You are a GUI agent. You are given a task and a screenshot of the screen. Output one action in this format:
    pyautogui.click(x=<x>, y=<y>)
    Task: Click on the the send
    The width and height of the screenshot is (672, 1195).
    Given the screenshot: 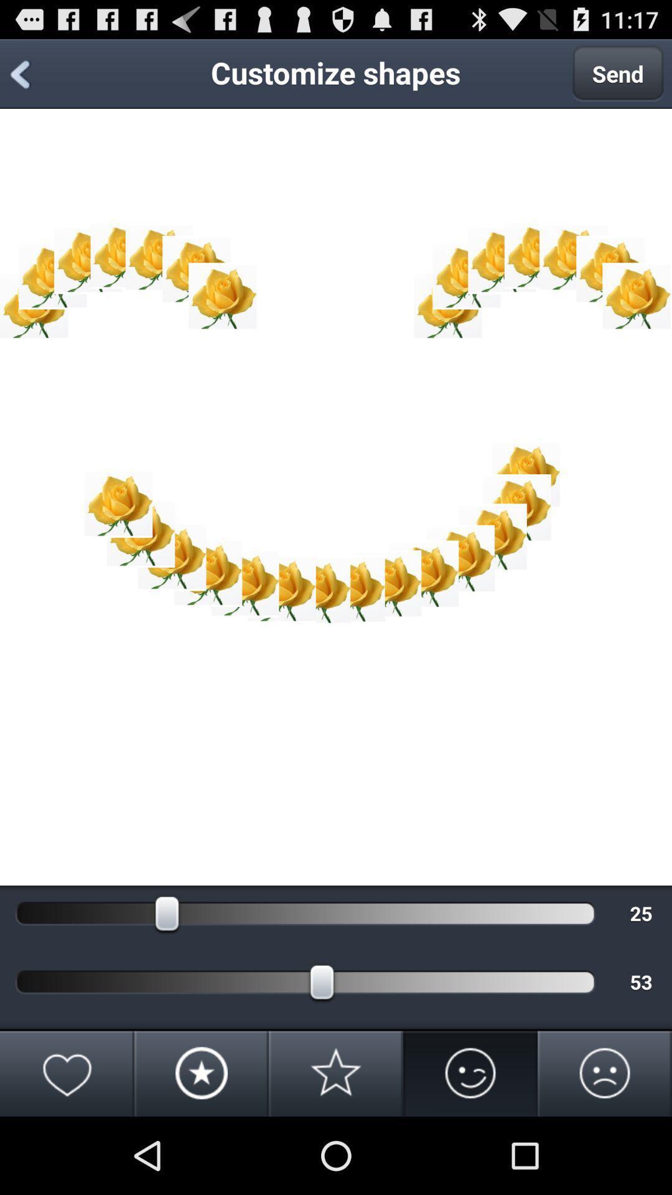 What is the action you would take?
    pyautogui.click(x=618, y=73)
    